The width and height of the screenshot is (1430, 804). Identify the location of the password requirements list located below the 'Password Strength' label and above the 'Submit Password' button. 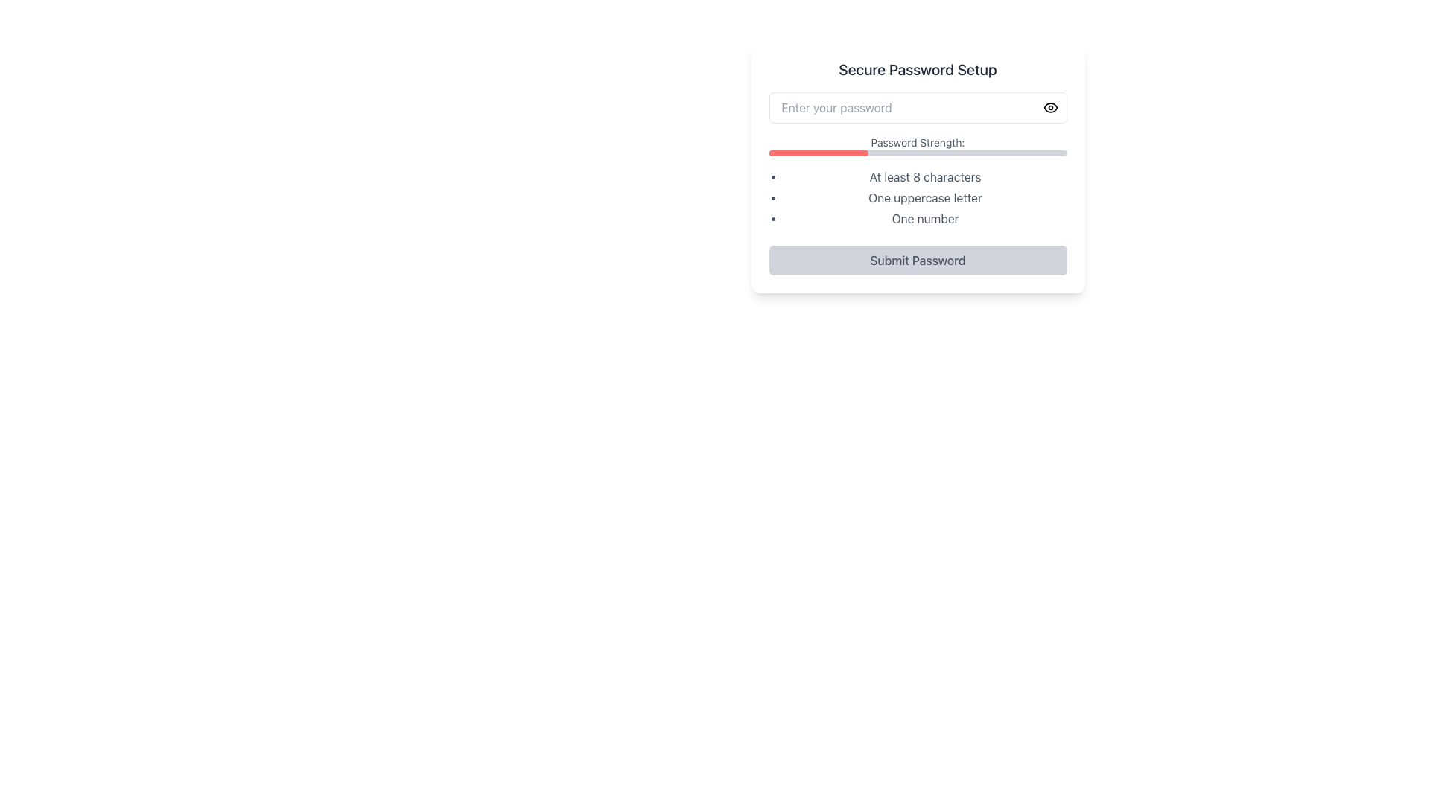
(924, 197).